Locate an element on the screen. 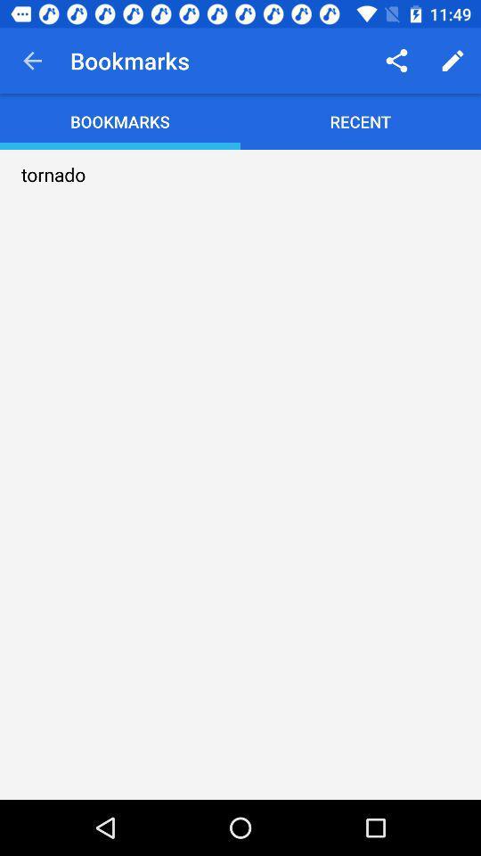 This screenshot has height=856, width=481. the icon to the right of the bookmarks app is located at coordinates (396, 61).